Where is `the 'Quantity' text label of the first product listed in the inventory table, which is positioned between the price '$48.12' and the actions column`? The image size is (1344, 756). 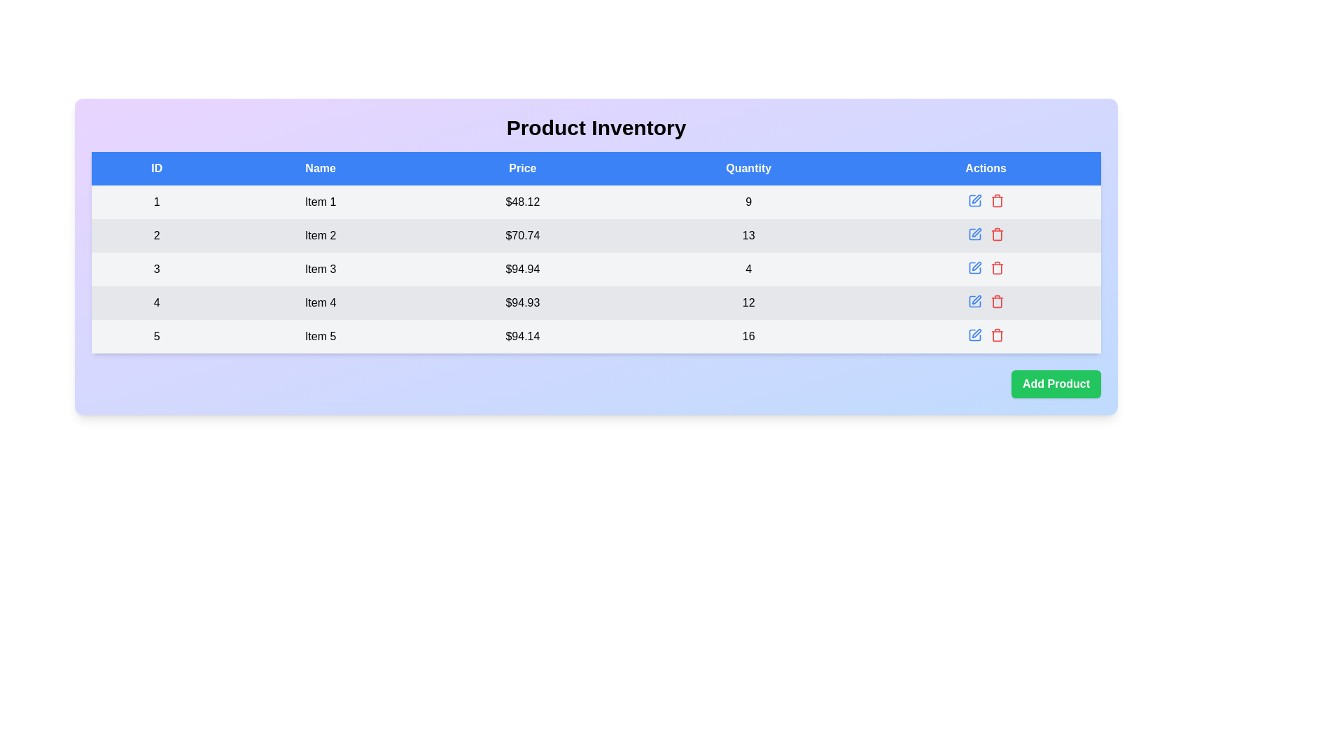 the 'Quantity' text label of the first product listed in the inventory table, which is positioned between the price '$48.12' and the actions column is located at coordinates (748, 202).